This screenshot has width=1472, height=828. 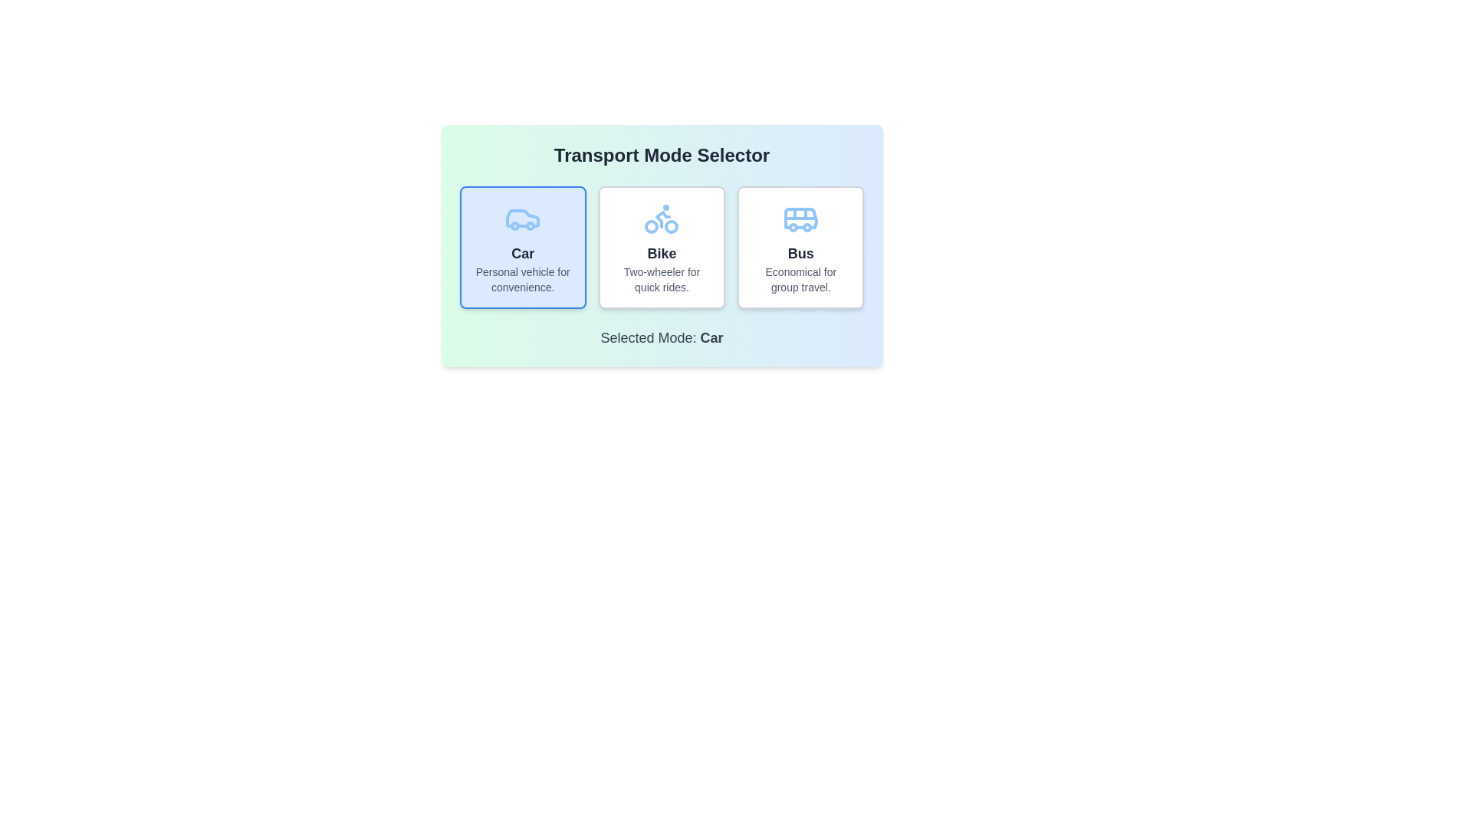 What do you see at coordinates (523, 280) in the screenshot?
I see `descriptive text label located at the bottom of the 'Car' card within the transport mode selector widget, which provides additional context about the option` at bounding box center [523, 280].